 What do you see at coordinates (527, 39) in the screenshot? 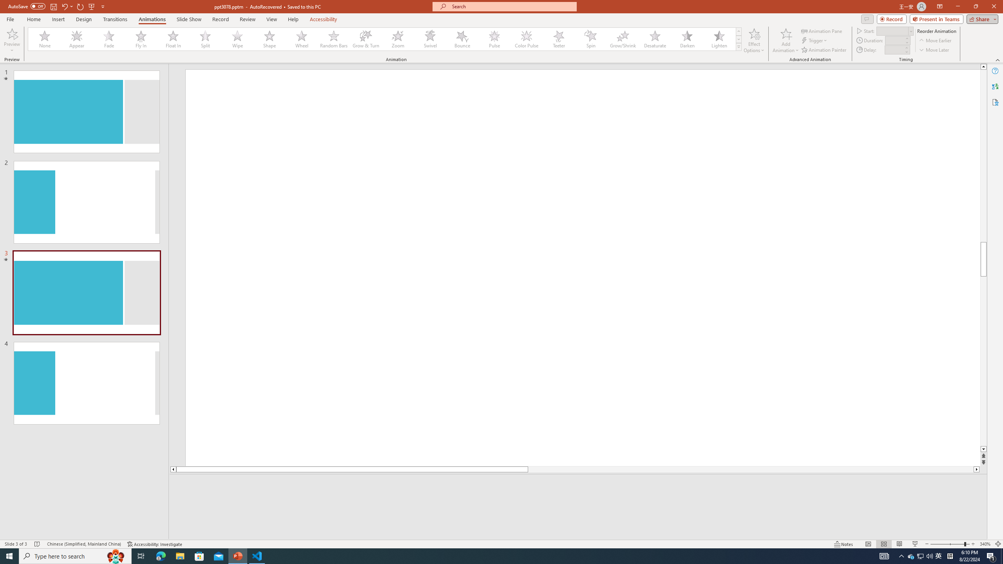
I see `'Color Pulse'` at bounding box center [527, 39].